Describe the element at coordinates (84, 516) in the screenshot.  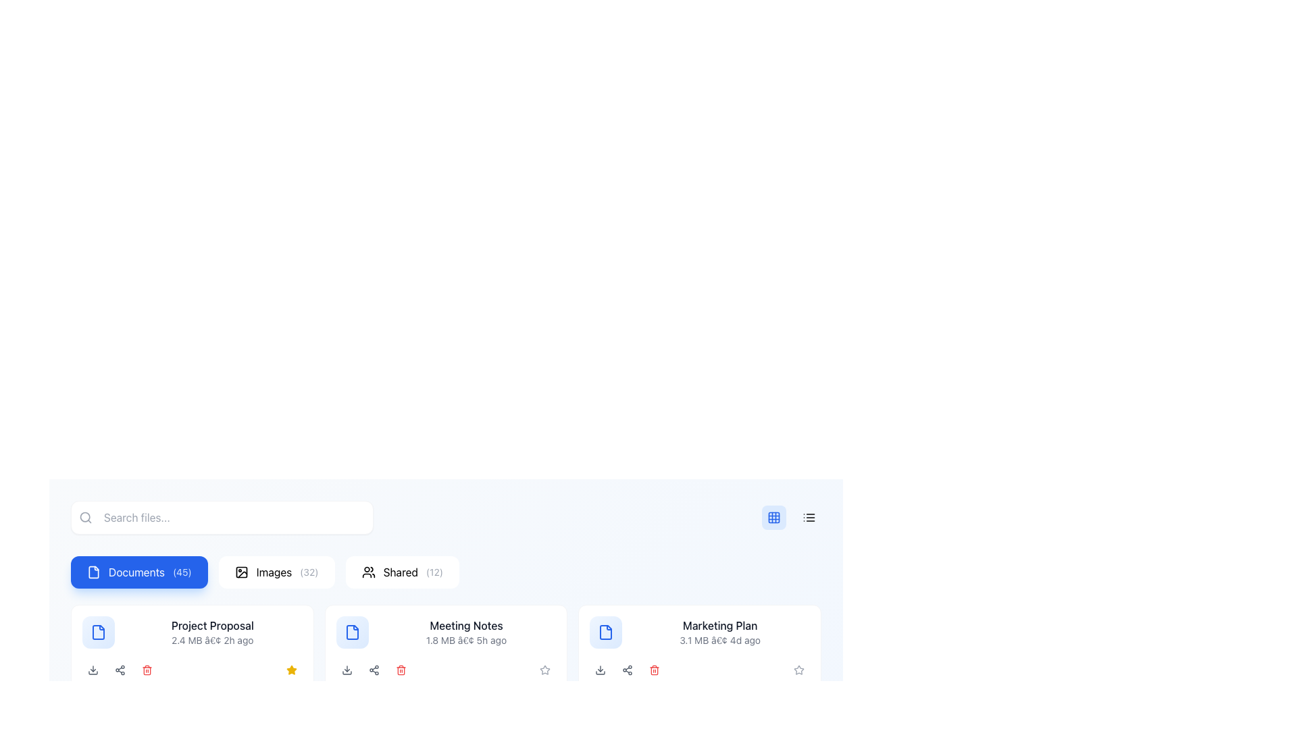
I see `the circular part of the magnifying glass icon, which is positioned towards the left side of the search input box, indicating its functionality` at that location.